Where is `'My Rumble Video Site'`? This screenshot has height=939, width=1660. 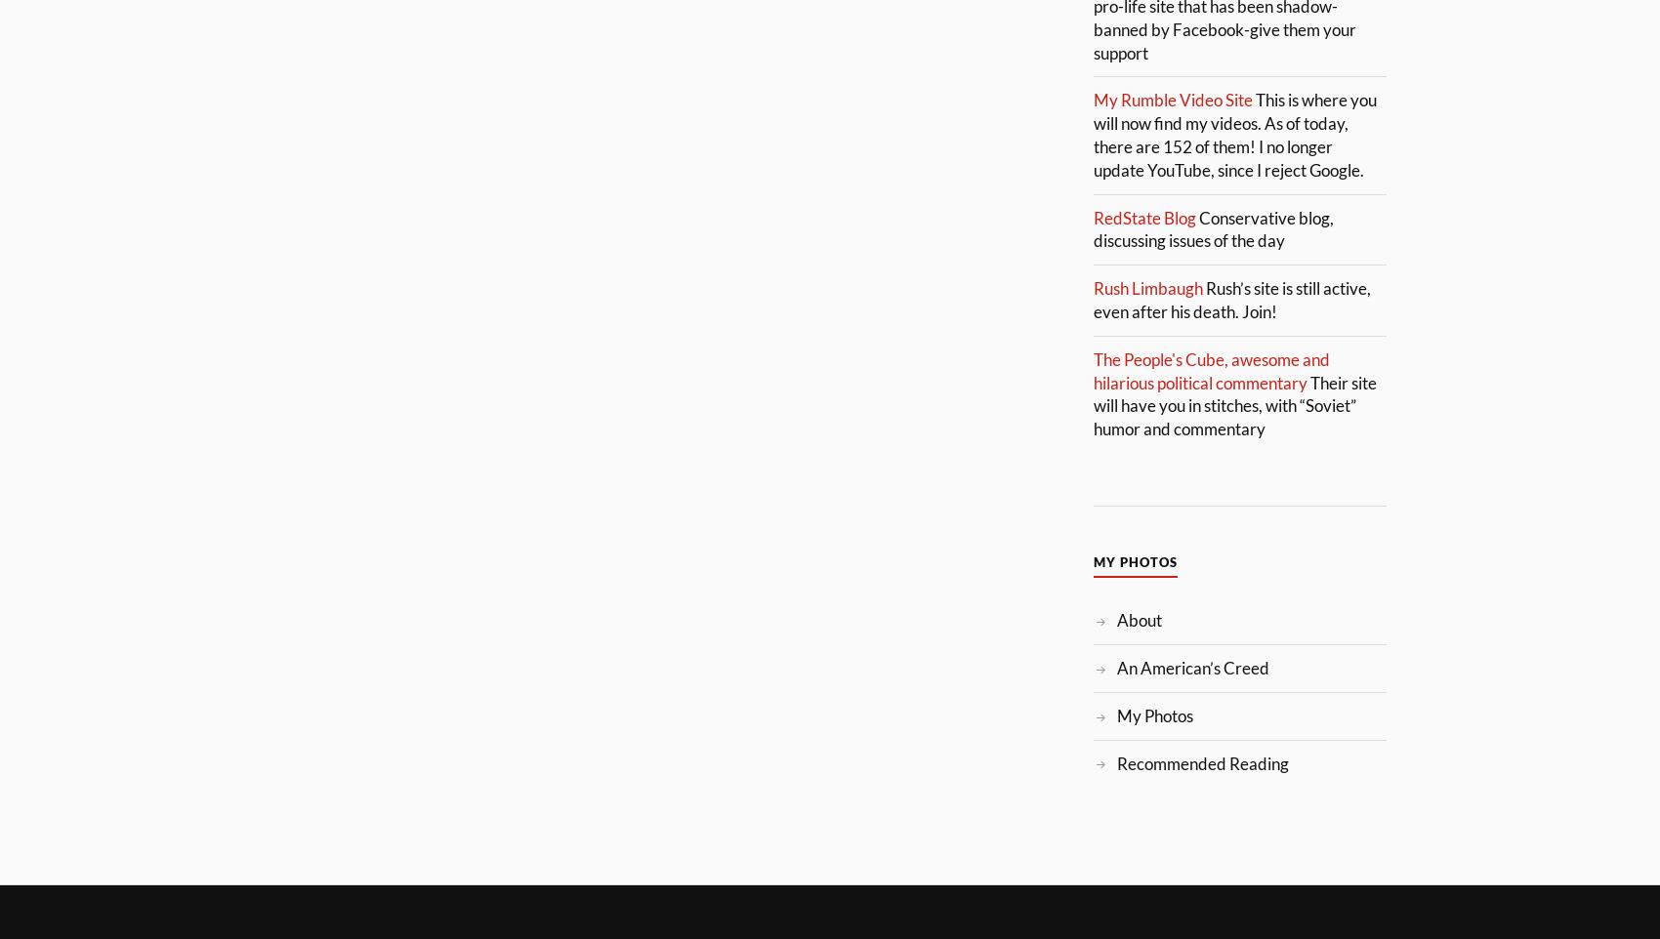 'My Rumble Video Site' is located at coordinates (1093, 99).